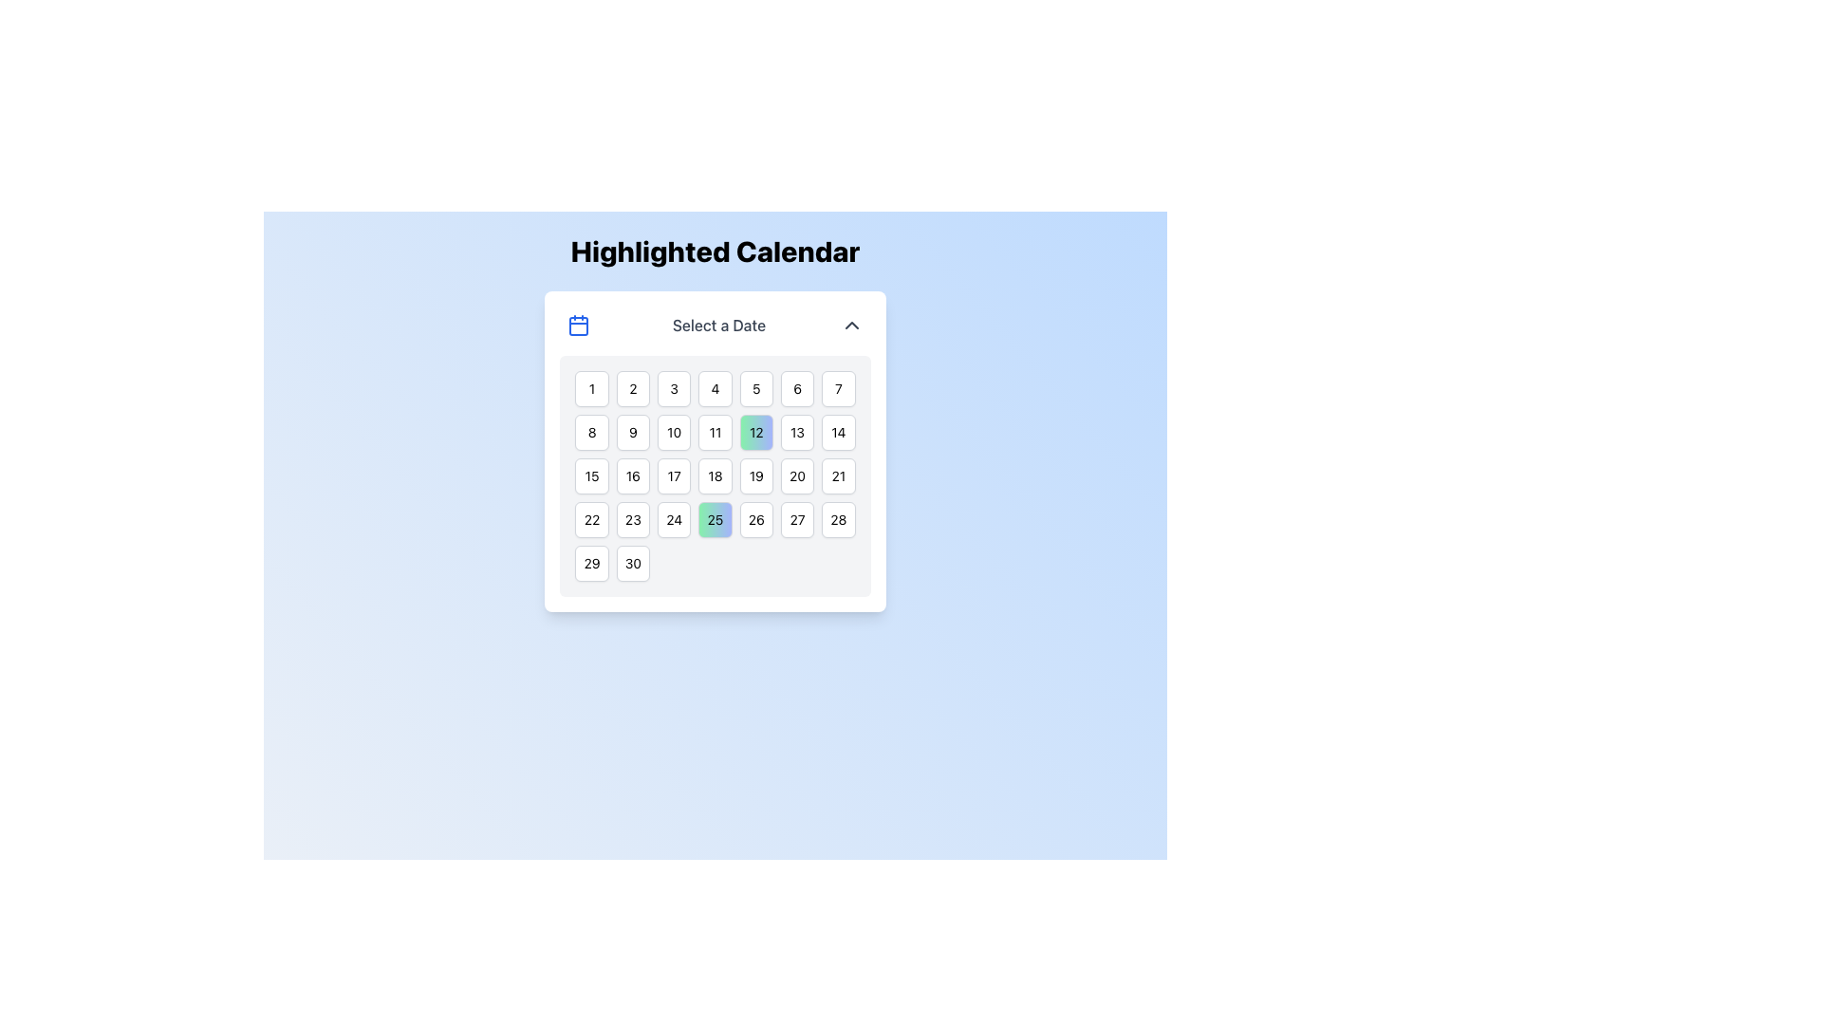  What do you see at coordinates (633, 387) in the screenshot?
I see `the button representing the 2nd day of the month` at bounding box center [633, 387].